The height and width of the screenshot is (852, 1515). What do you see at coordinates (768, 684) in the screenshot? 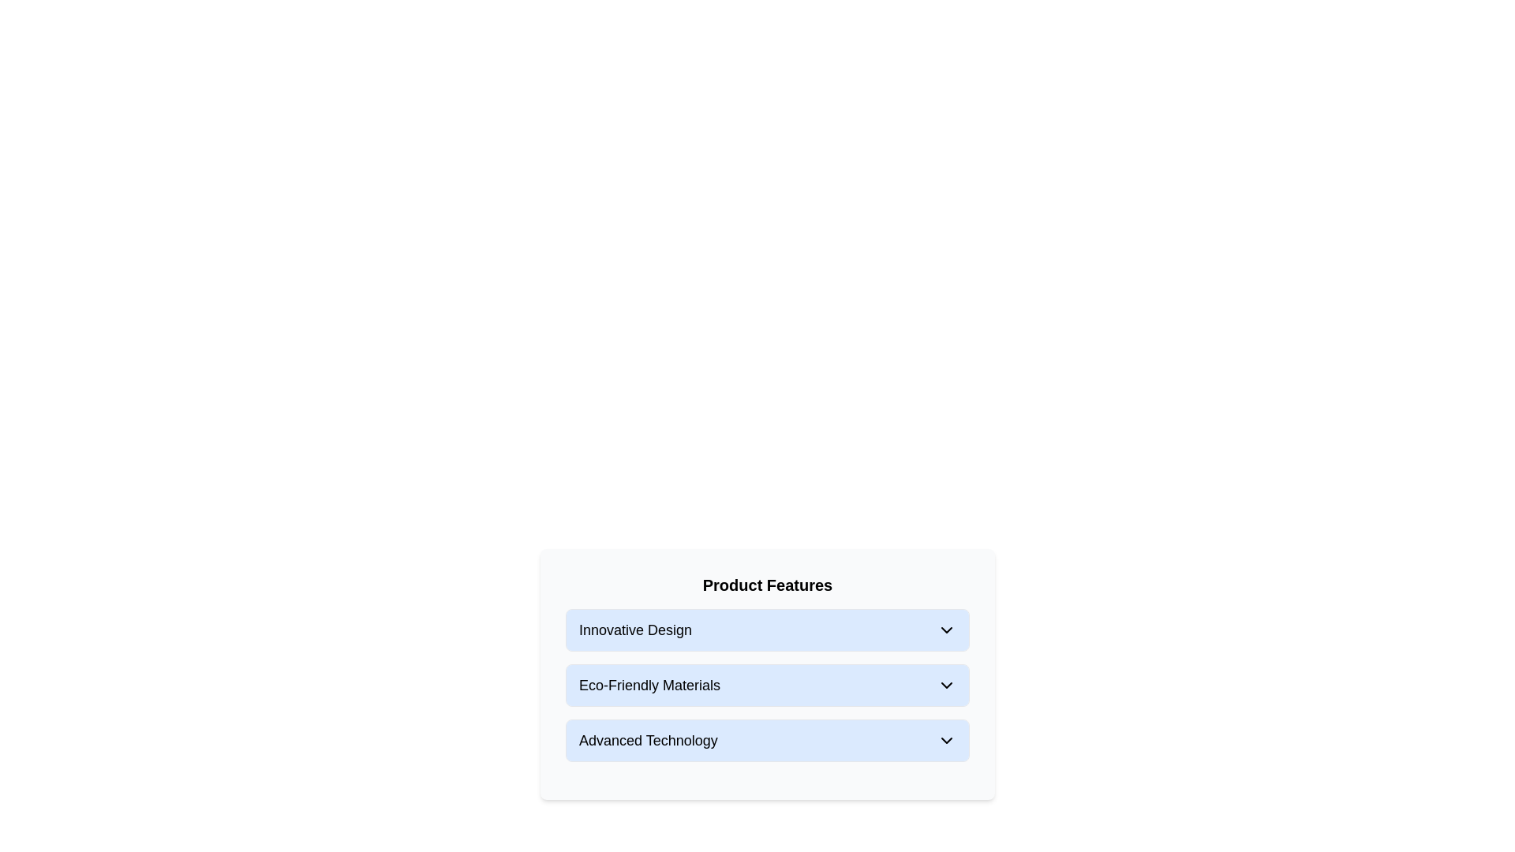
I see `the 'Eco-Friendly Materials' dropdown button` at bounding box center [768, 684].